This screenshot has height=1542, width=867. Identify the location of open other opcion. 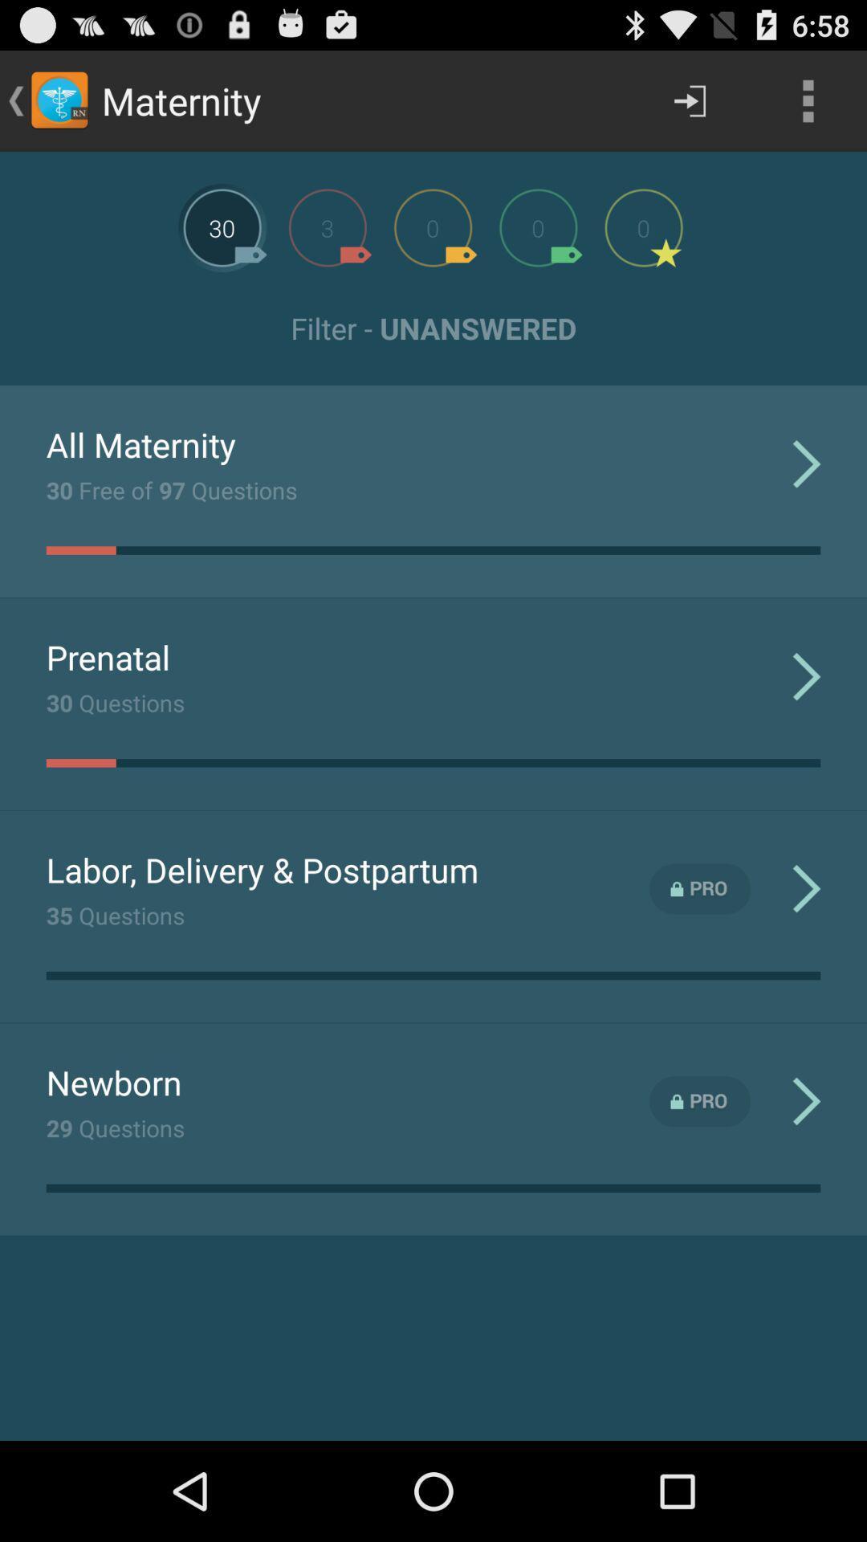
(327, 226).